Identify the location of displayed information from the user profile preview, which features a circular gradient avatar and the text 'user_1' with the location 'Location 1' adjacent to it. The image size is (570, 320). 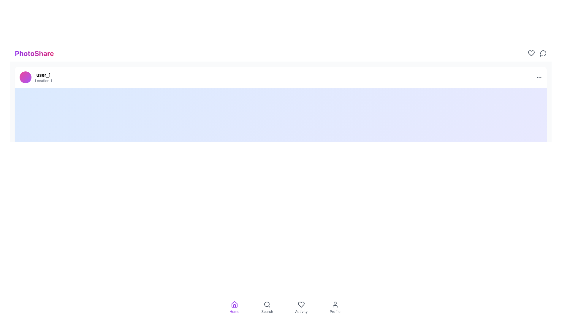
(35, 77).